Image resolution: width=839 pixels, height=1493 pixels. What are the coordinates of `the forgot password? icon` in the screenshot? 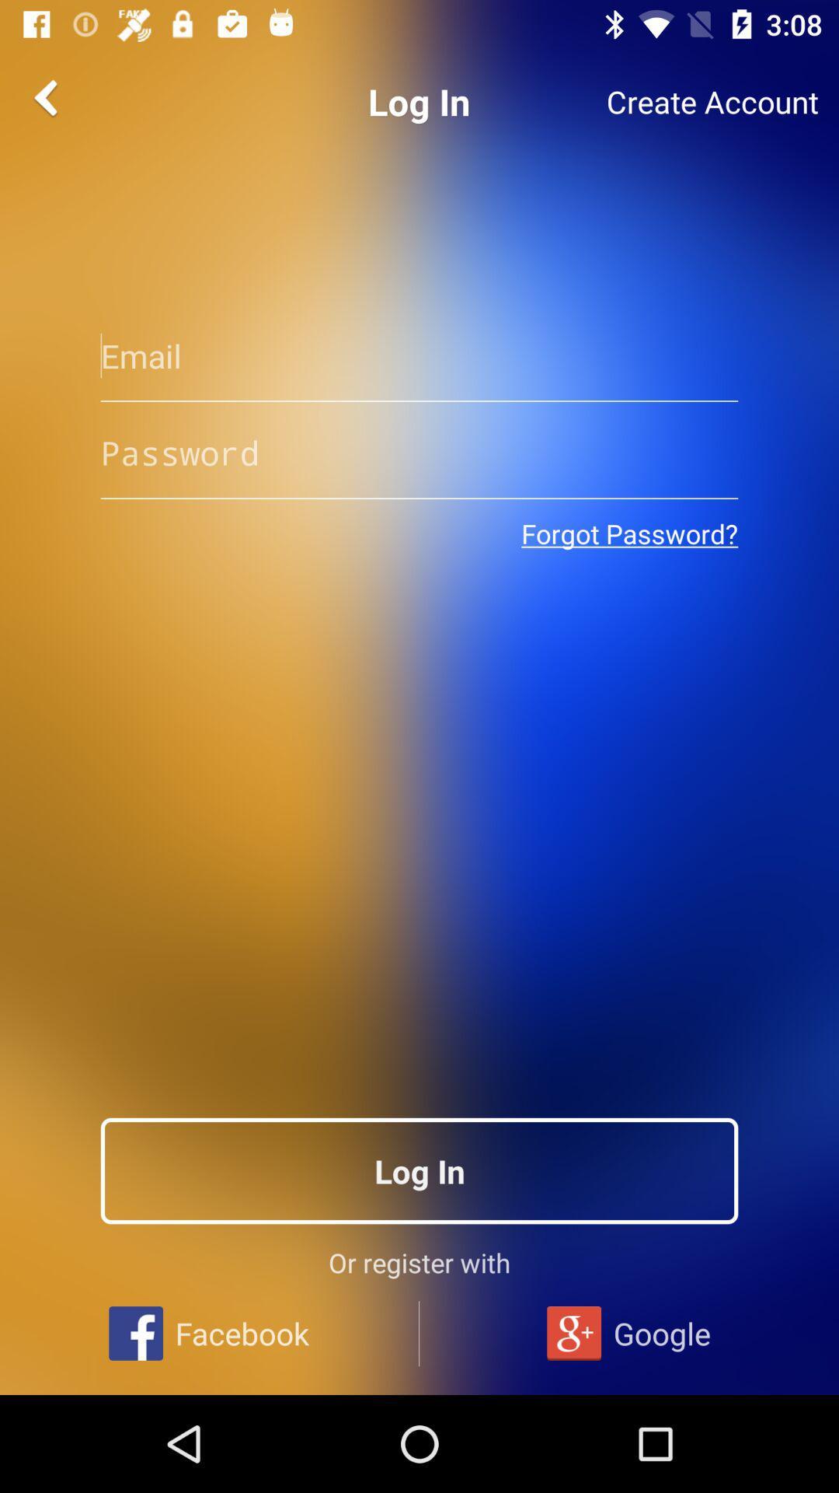 It's located at (629, 533).